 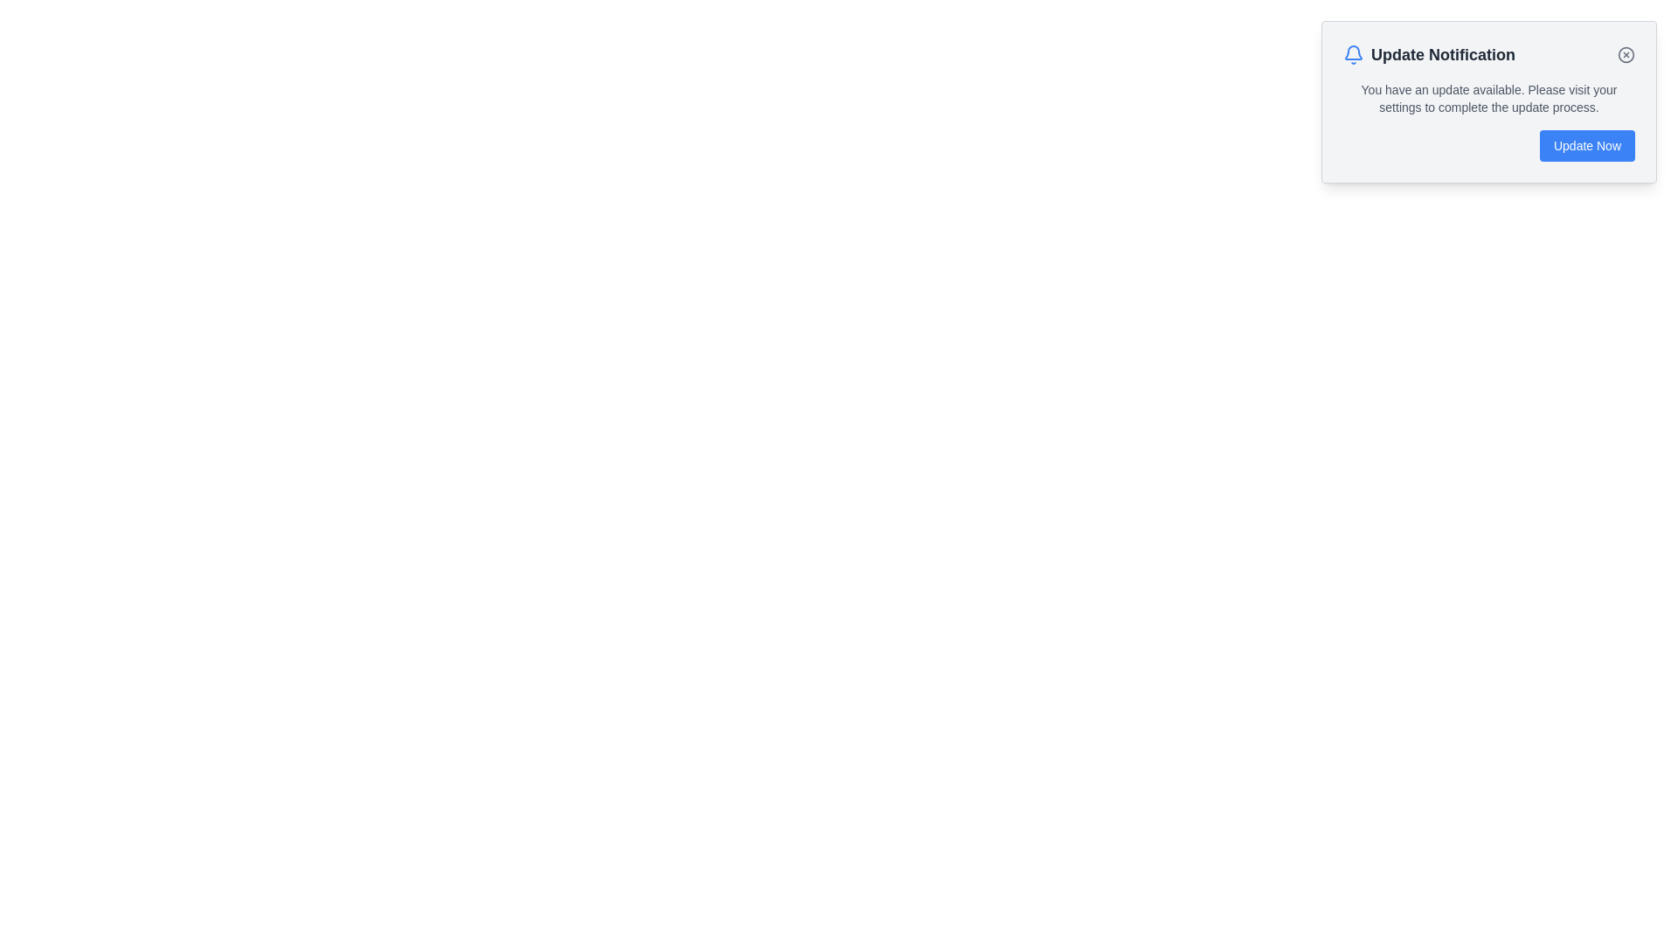 I want to click on the Section header containing an icon, text, and a button located at the top right of the notification card, so click(x=1488, y=53).